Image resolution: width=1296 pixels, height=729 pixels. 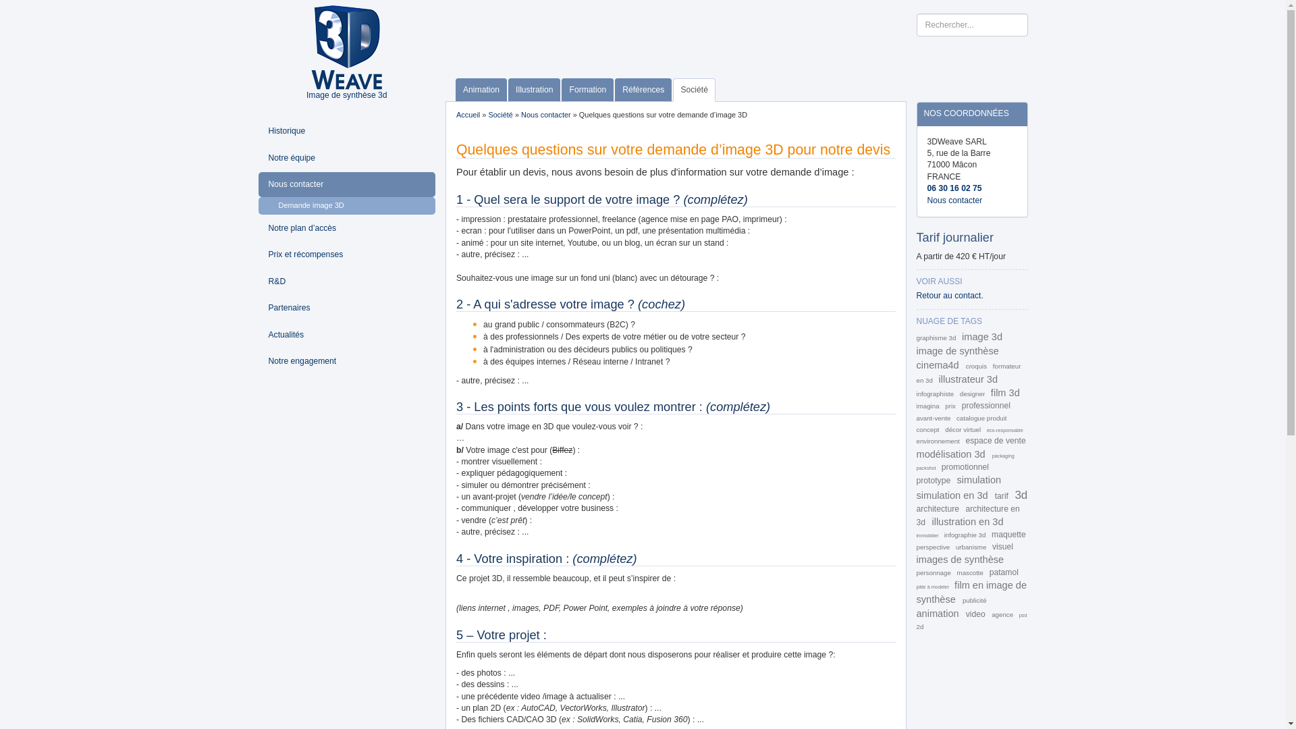 What do you see at coordinates (928, 405) in the screenshot?
I see `'imagina'` at bounding box center [928, 405].